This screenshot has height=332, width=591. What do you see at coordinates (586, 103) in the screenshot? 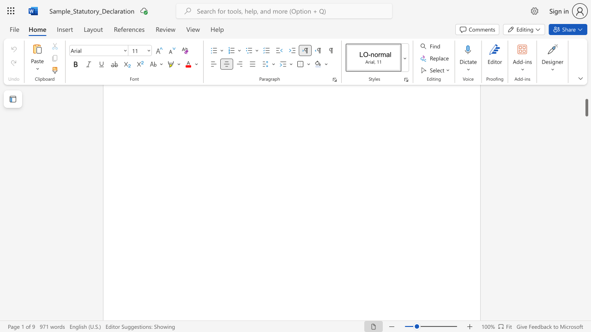
I see `the scrollbar and move down 5440 pixels` at bounding box center [586, 103].